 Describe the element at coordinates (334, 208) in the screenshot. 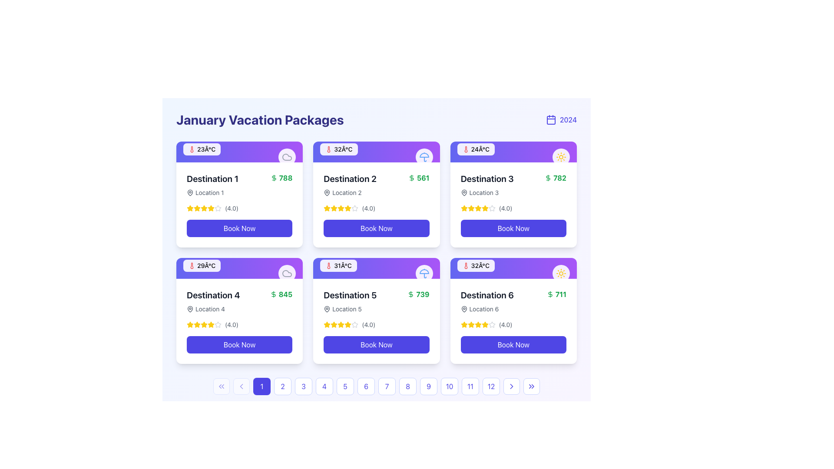

I see `the third star-shaped icon in the rating indicator for 'Destination 2', which is filled with yellow color and part of a group of five stars` at that location.